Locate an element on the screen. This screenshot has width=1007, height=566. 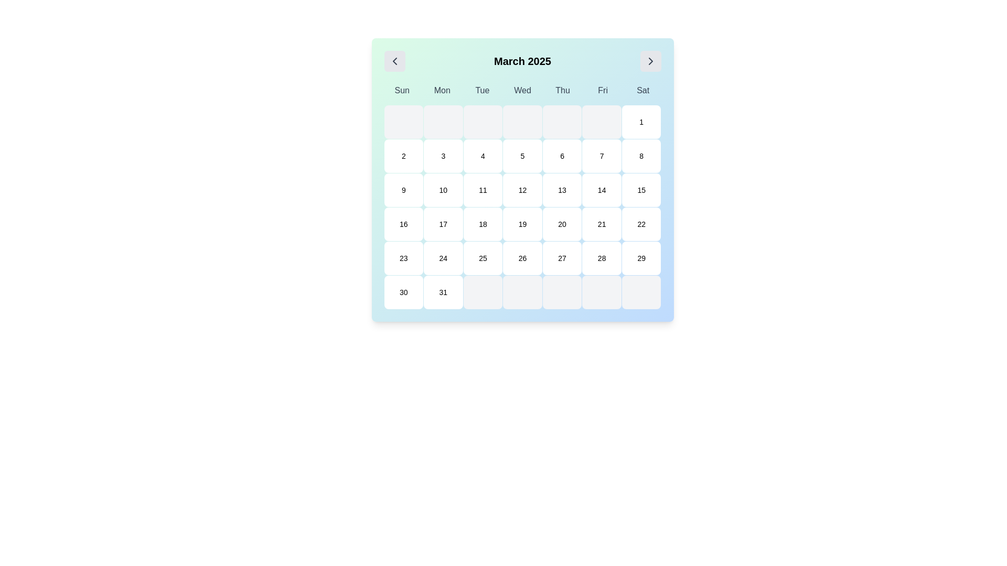
the inactive calendar cell located in the sixth column of the last row of the calendar grid is located at coordinates (562, 292).